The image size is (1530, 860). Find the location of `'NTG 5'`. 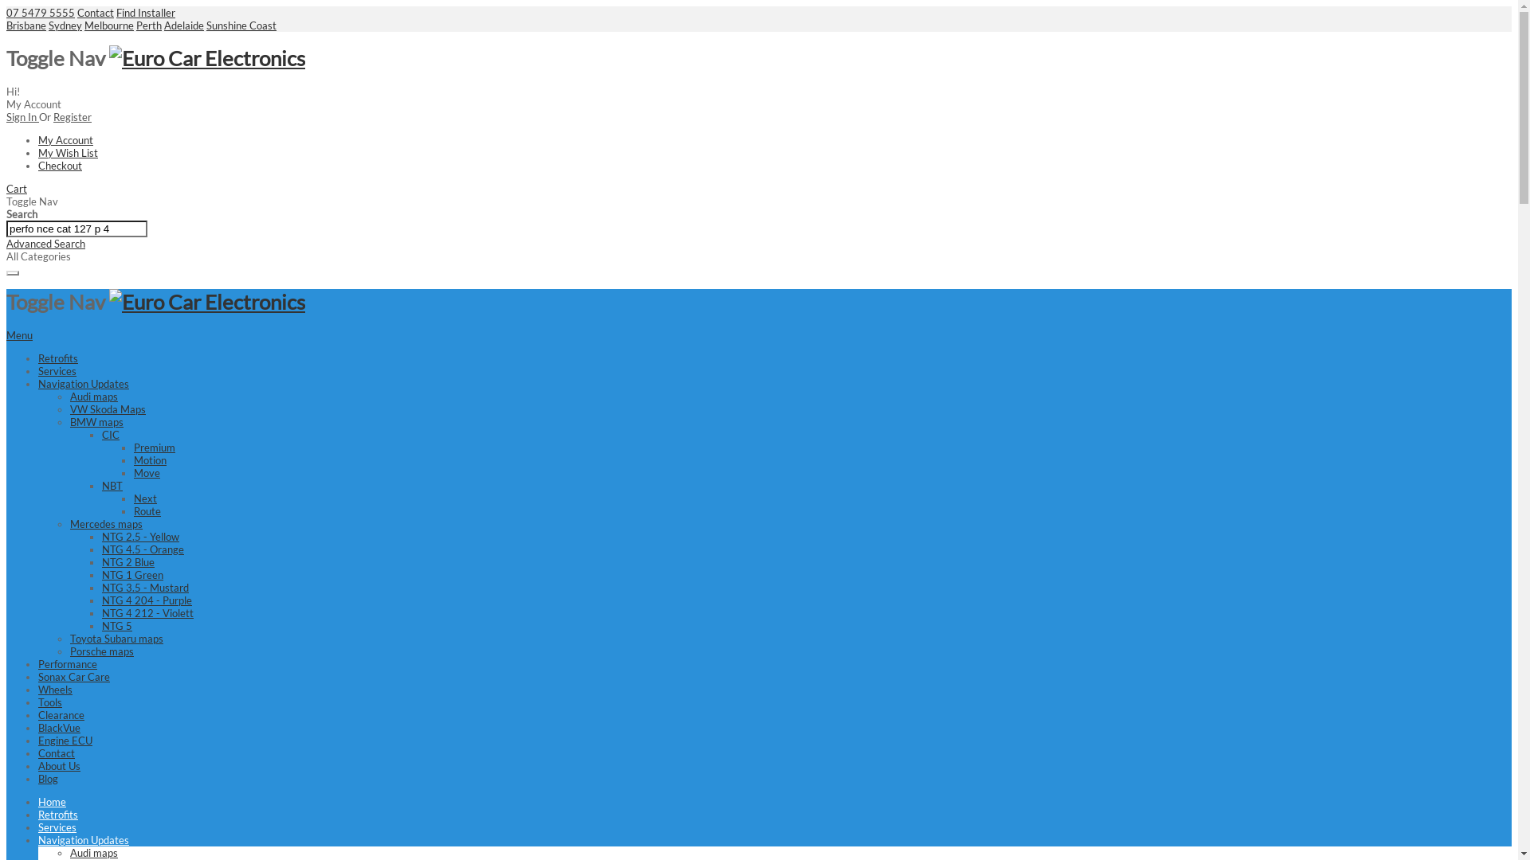

'NTG 5' is located at coordinates (101, 625).